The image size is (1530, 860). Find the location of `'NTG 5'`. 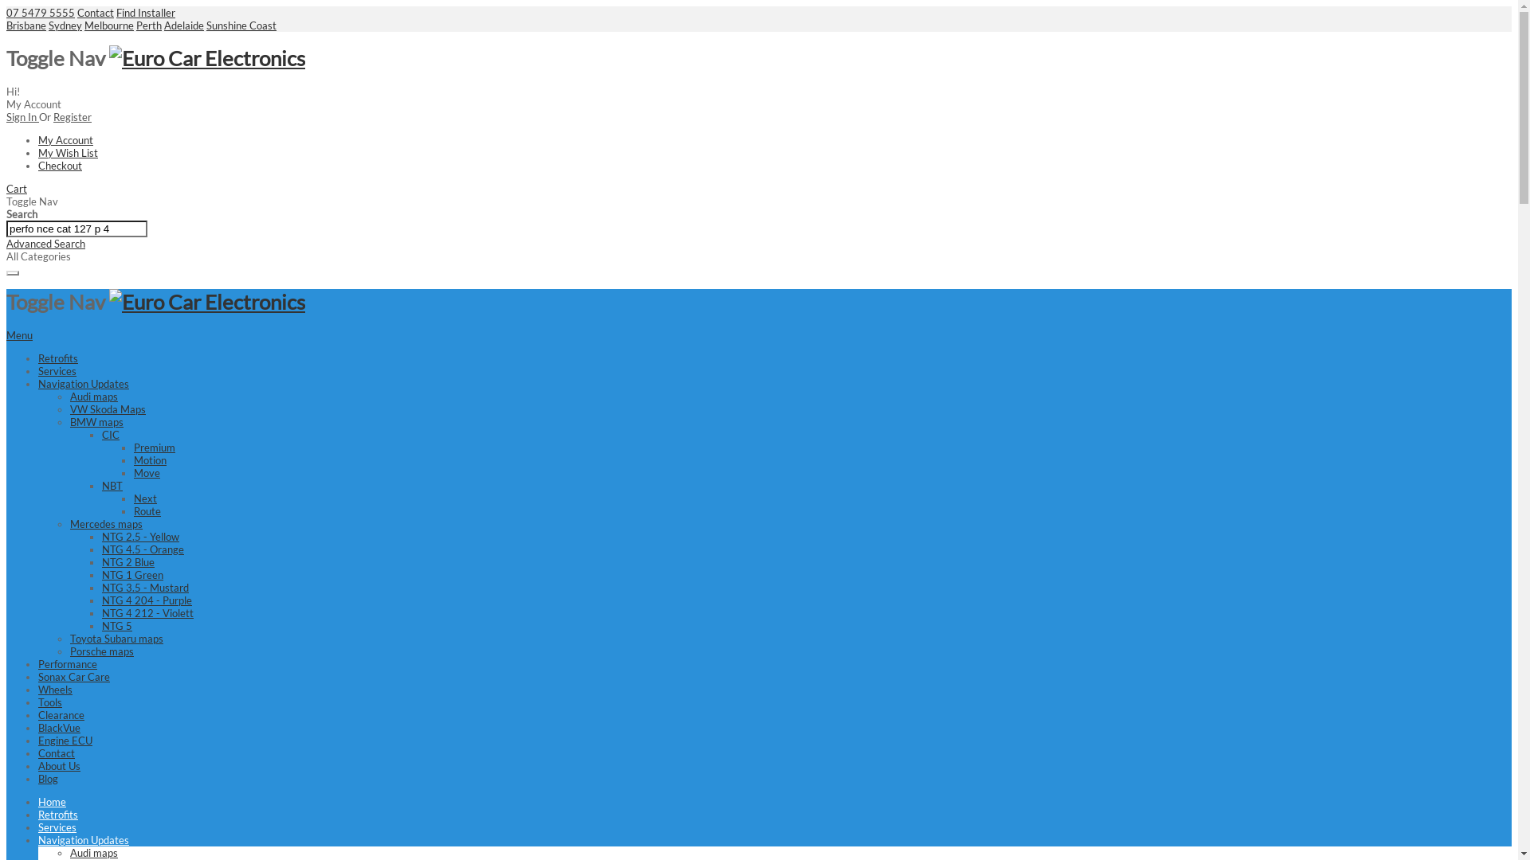

'NTG 5' is located at coordinates (101, 625).